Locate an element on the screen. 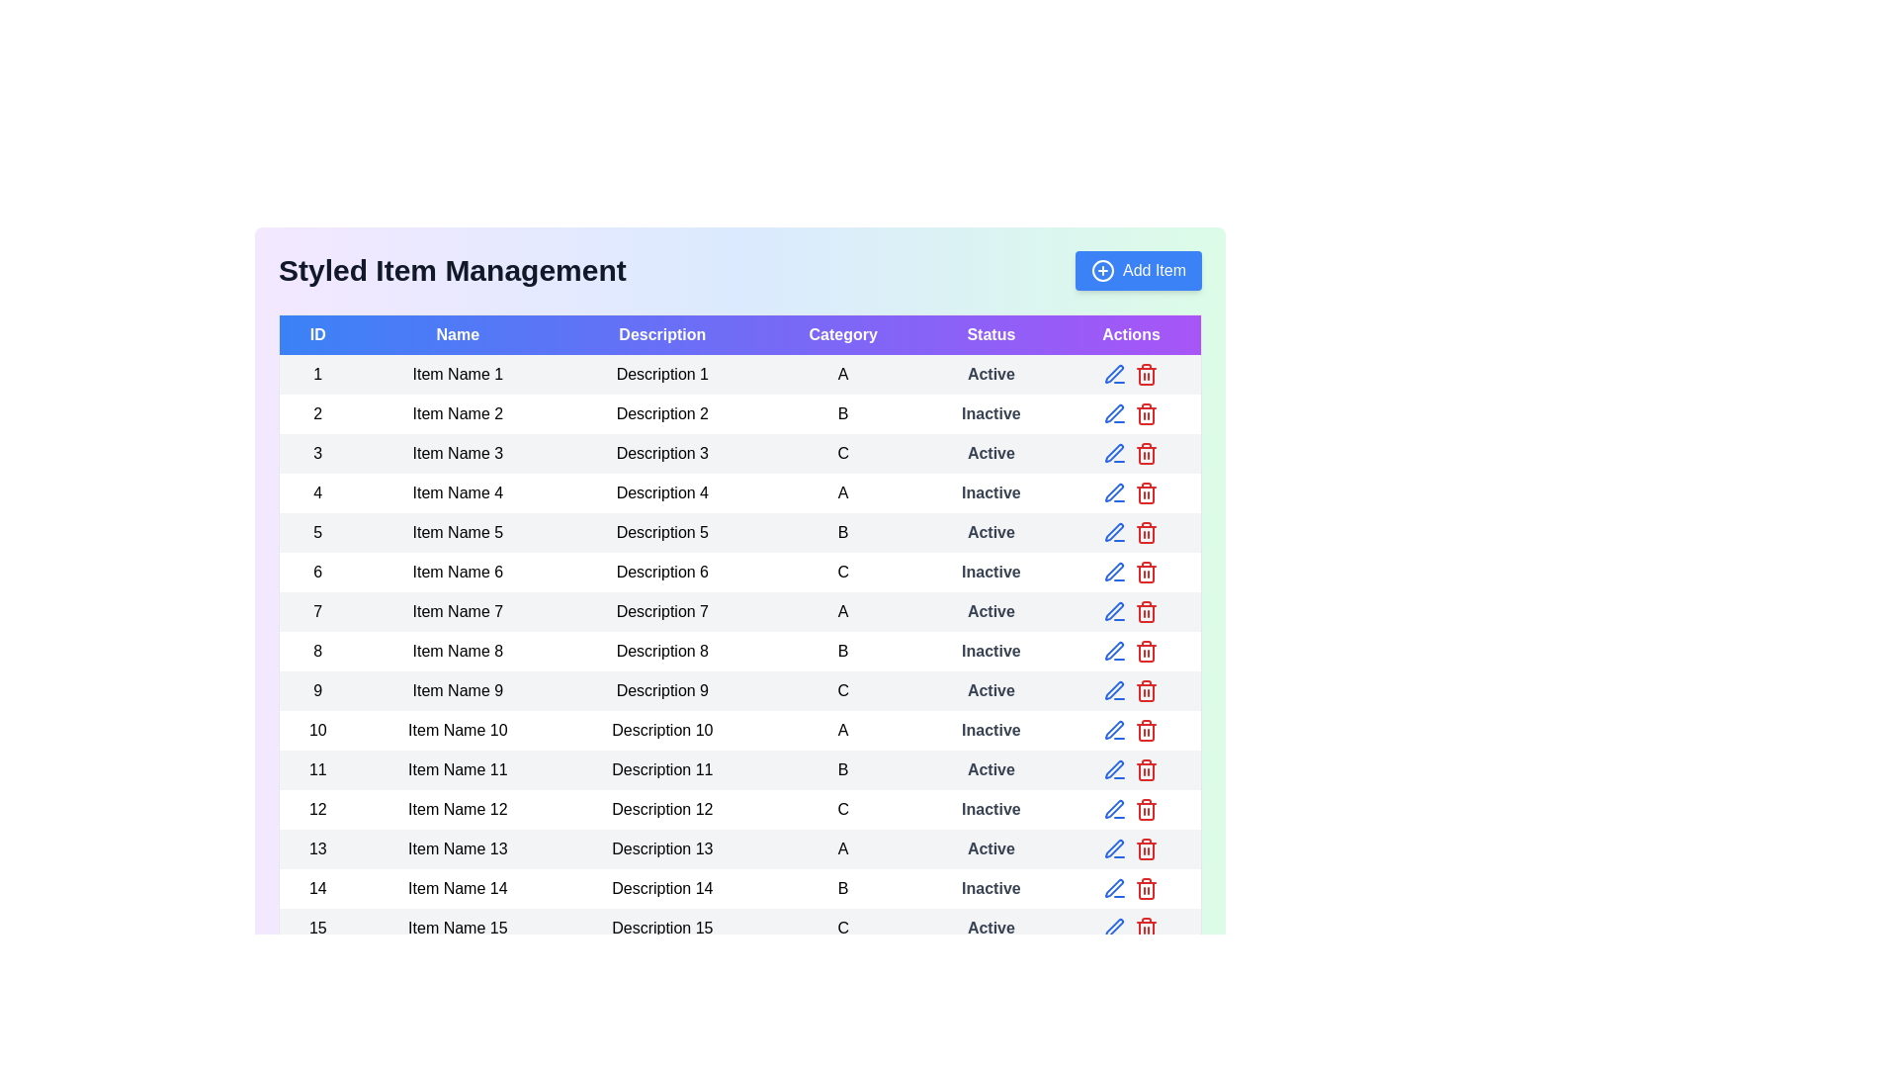 This screenshot has width=1898, height=1068. the column header Category to sort the table by that column is located at coordinates (843, 333).